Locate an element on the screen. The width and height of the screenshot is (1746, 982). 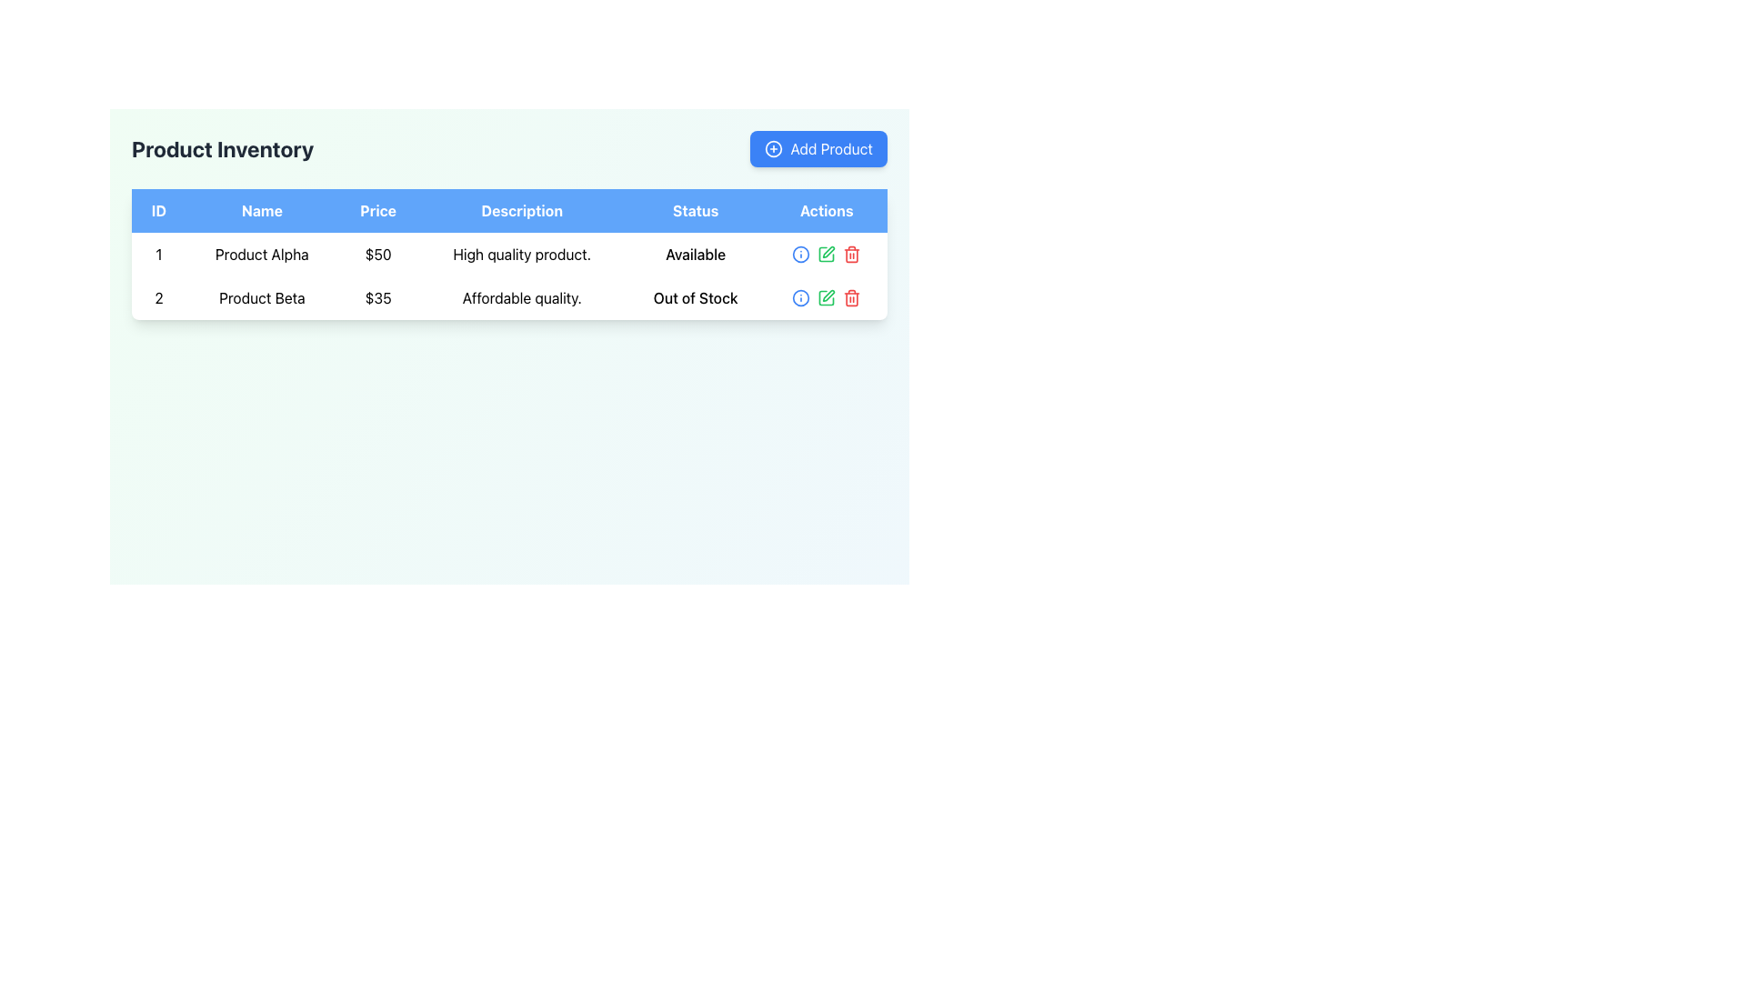
the price text indicating the cost of 'Product Alpha' in the first row of the product inventory table is located at coordinates (377, 255).